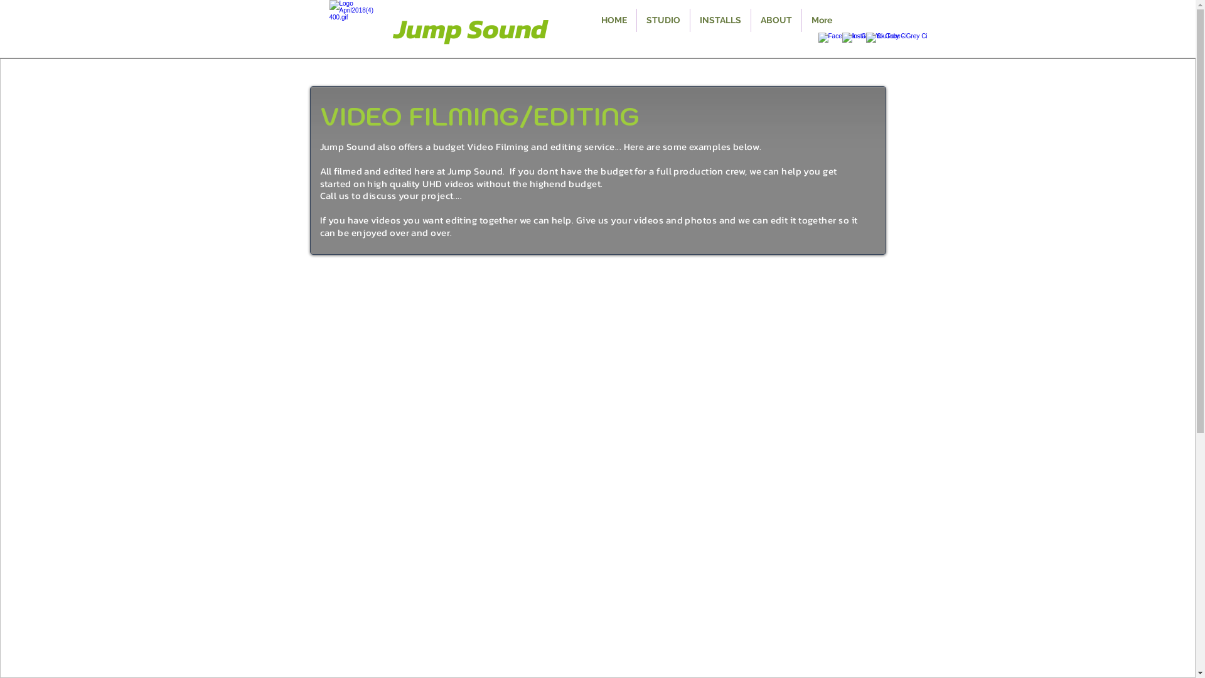 This screenshot has width=1205, height=678. What do you see at coordinates (720, 20) in the screenshot?
I see `'INSTALLS'` at bounding box center [720, 20].